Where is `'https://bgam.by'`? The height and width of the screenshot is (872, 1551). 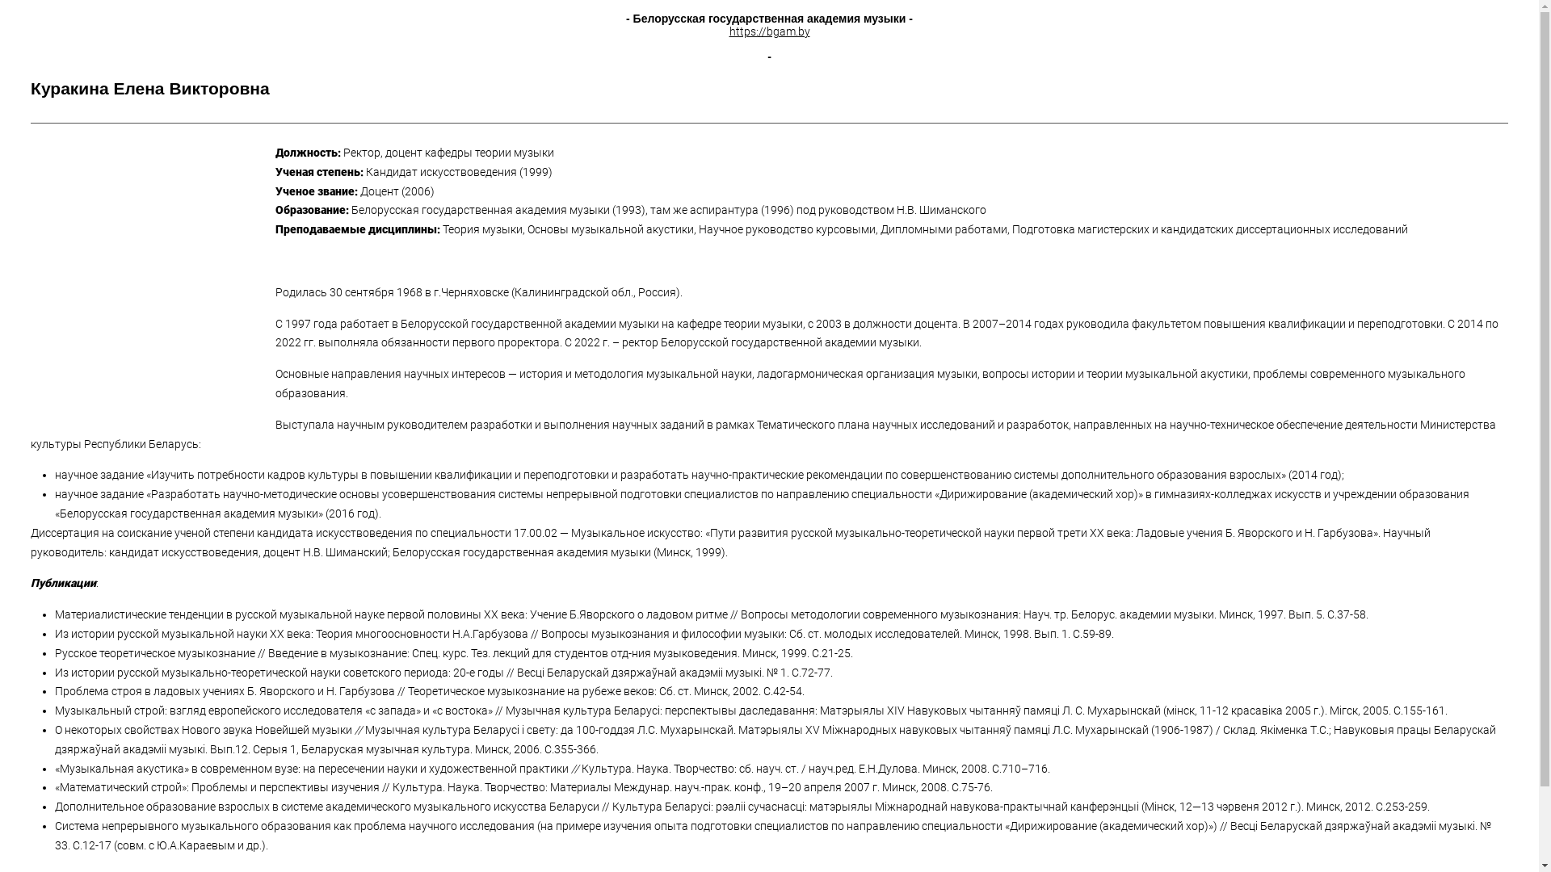 'https://bgam.by' is located at coordinates (767, 31).